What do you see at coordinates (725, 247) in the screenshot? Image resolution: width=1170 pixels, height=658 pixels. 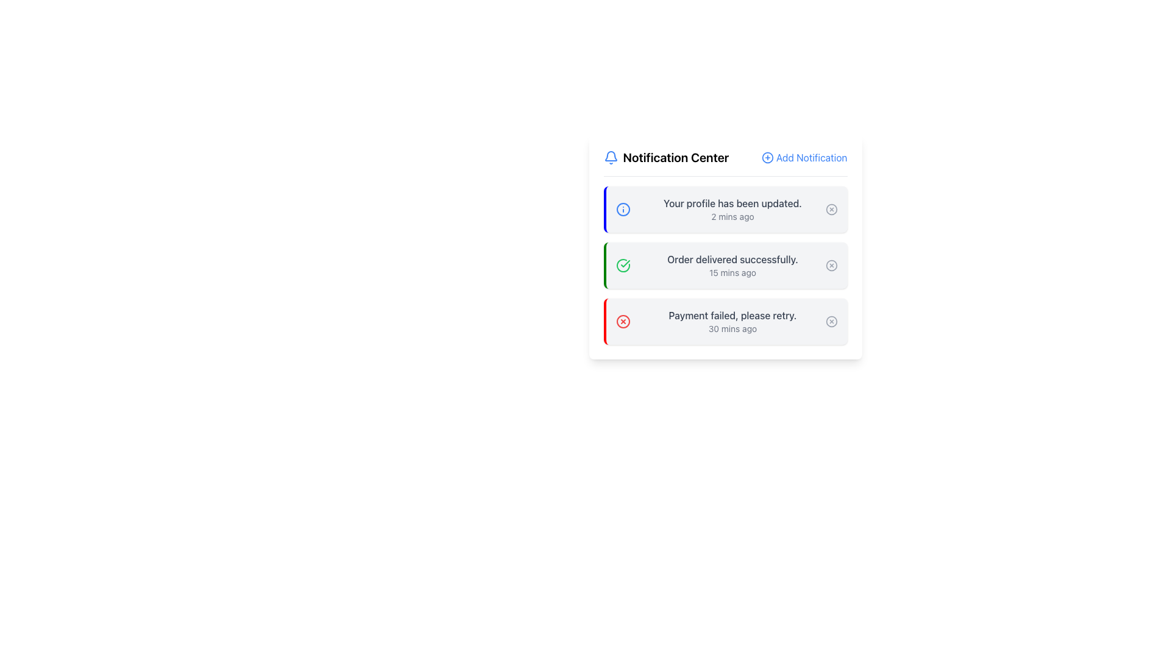 I see `an individual notification within the Notification Panel` at bounding box center [725, 247].